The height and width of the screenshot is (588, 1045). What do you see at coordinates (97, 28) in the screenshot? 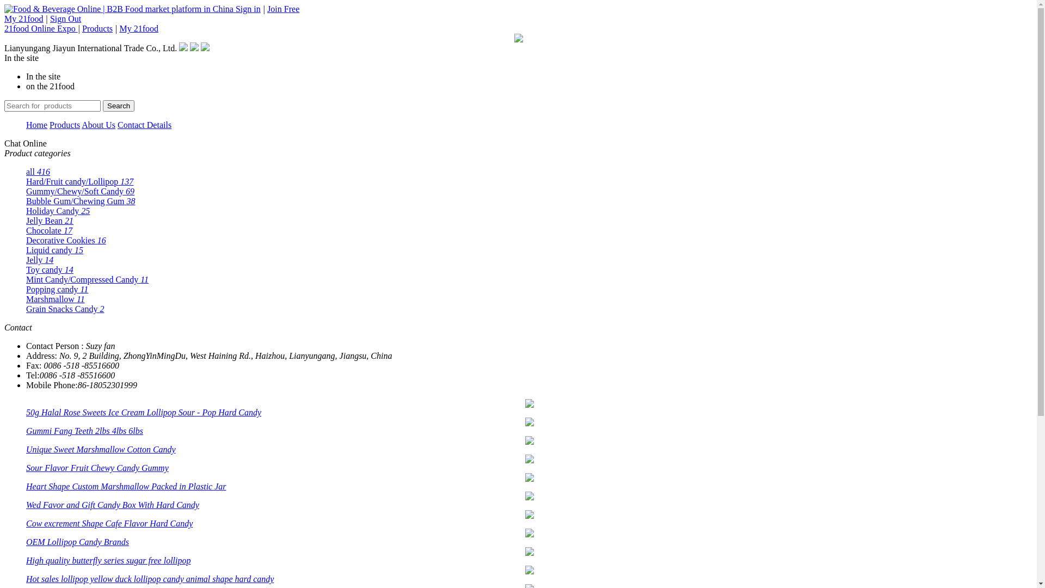
I see `'Products'` at bounding box center [97, 28].